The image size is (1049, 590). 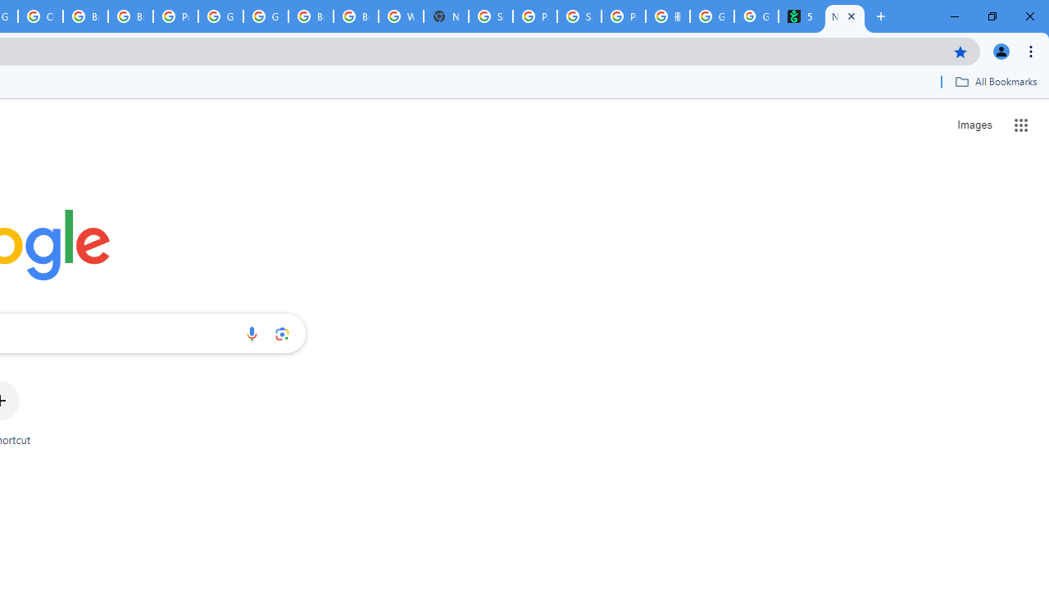 What do you see at coordinates (490, 16) in the screenshot?
I see `'Sign in - Google Accounts'` at bounding box center [490, 16].